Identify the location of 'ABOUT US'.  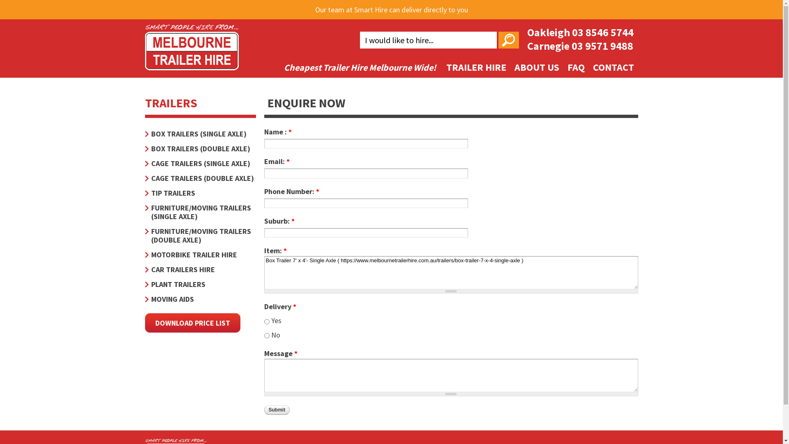
(537, 67).